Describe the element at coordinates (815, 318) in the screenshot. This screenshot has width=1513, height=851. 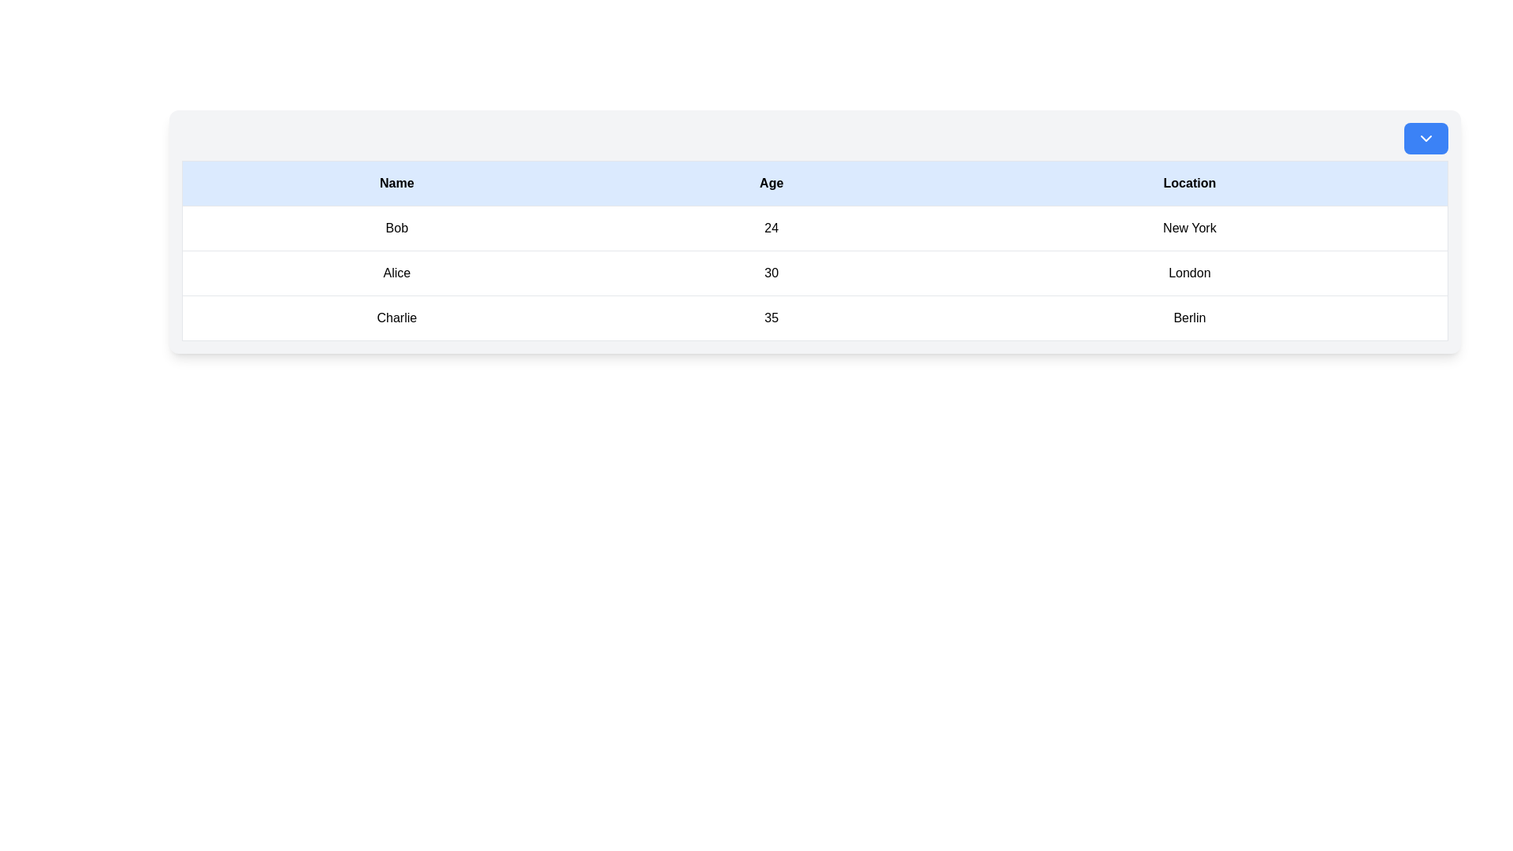
I see `the content of the table row containing the text 'Charlie35Berlin', which is the third row in the table under the columns 'Name', 'Age', and 'Location'` at that location.